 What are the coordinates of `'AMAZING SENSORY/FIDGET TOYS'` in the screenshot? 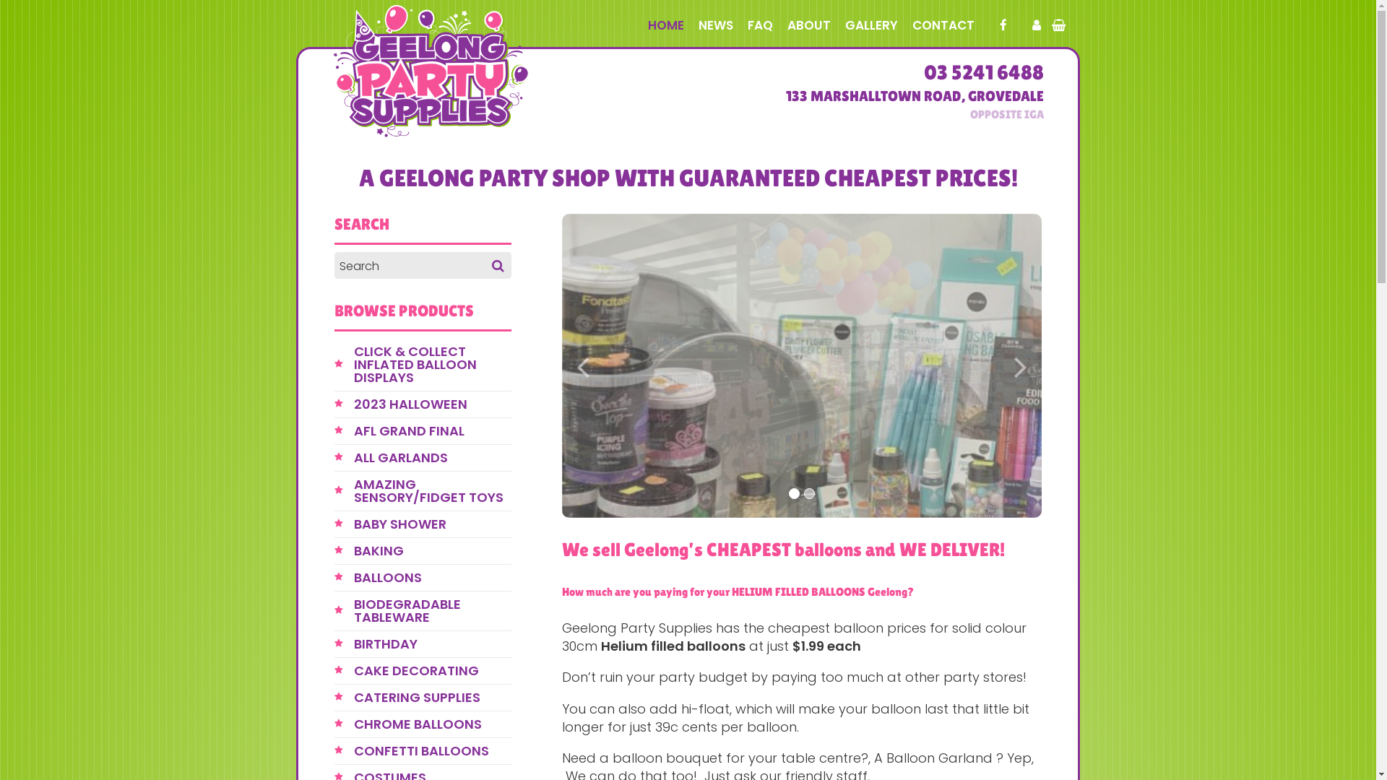 It's located at (432, 490).